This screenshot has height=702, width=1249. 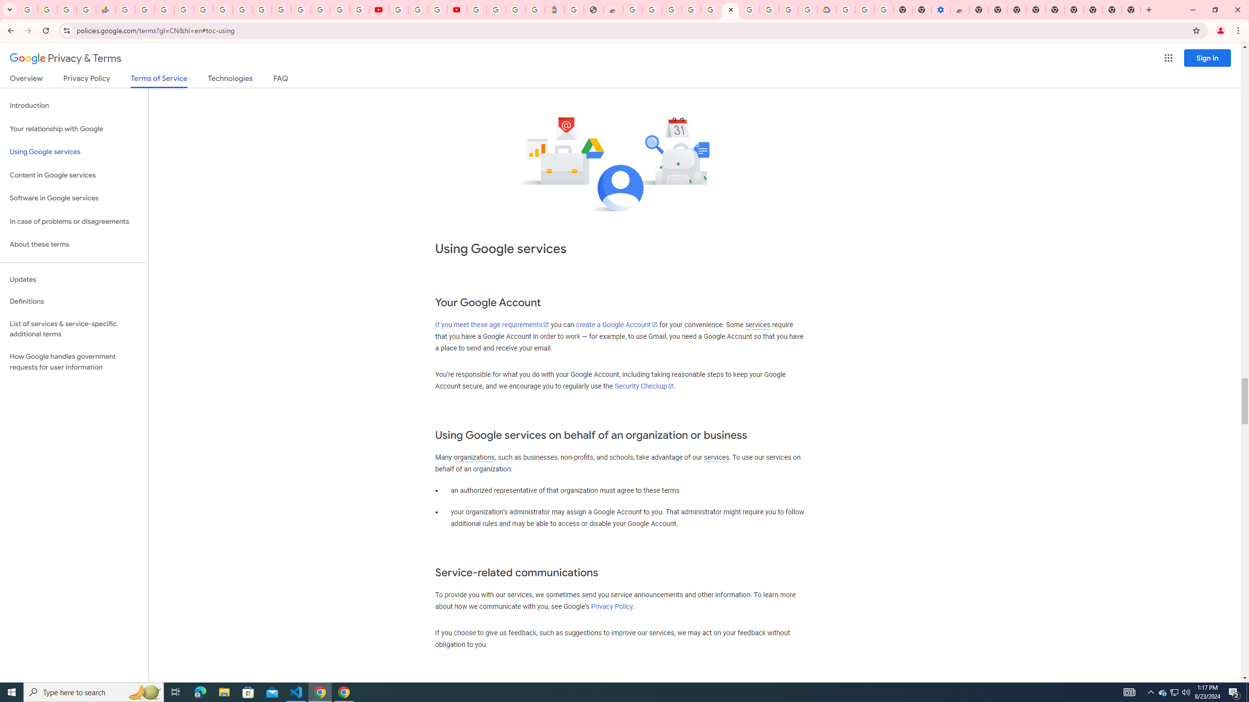 What do you see at coordinates (242, 9) in the screenshot?
I see `'Android TV Policies and Guidelines - Transparency Center'` at bounding box center [242, 9].